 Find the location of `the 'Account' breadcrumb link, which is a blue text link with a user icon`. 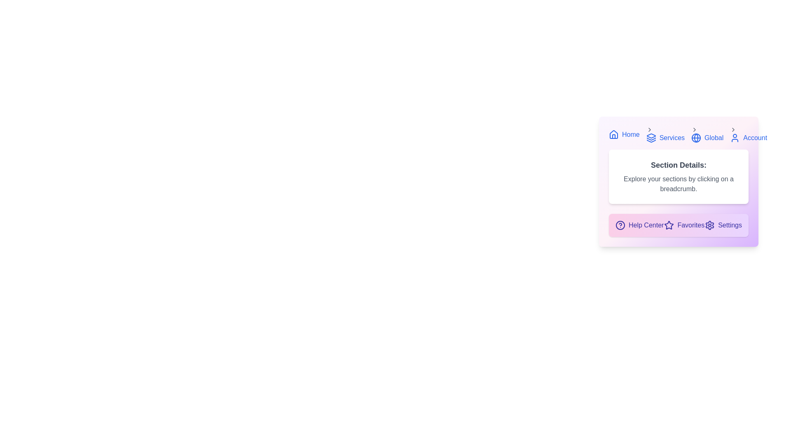

the 'Account' breadcrumb link, which is a blue text link with a user icon is located at coordinates (749, 138).